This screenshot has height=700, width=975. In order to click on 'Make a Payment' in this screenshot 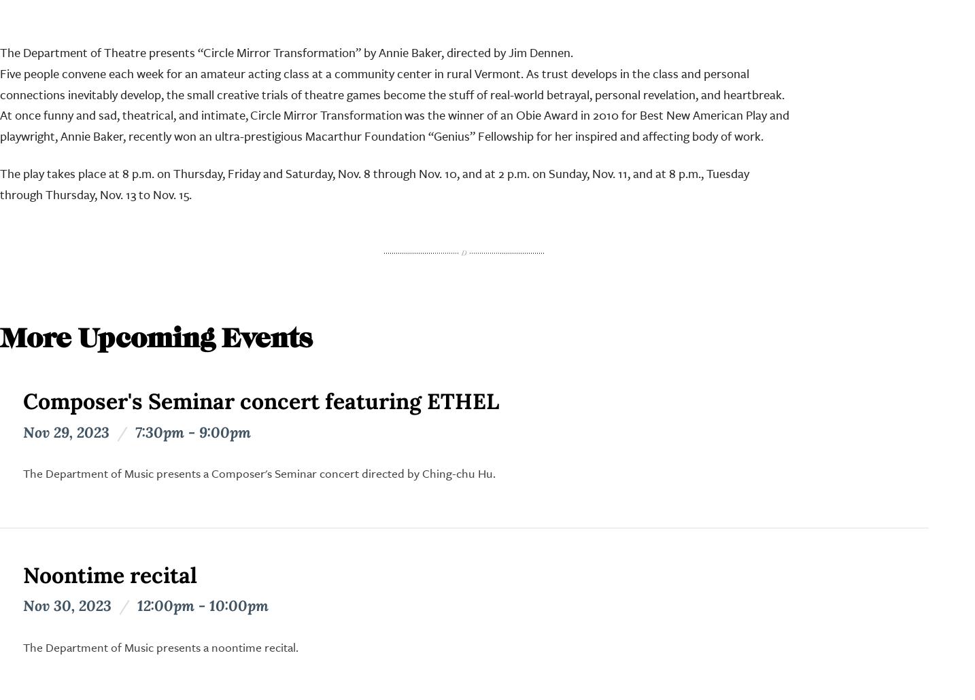, I will do `click(334, 246)`.